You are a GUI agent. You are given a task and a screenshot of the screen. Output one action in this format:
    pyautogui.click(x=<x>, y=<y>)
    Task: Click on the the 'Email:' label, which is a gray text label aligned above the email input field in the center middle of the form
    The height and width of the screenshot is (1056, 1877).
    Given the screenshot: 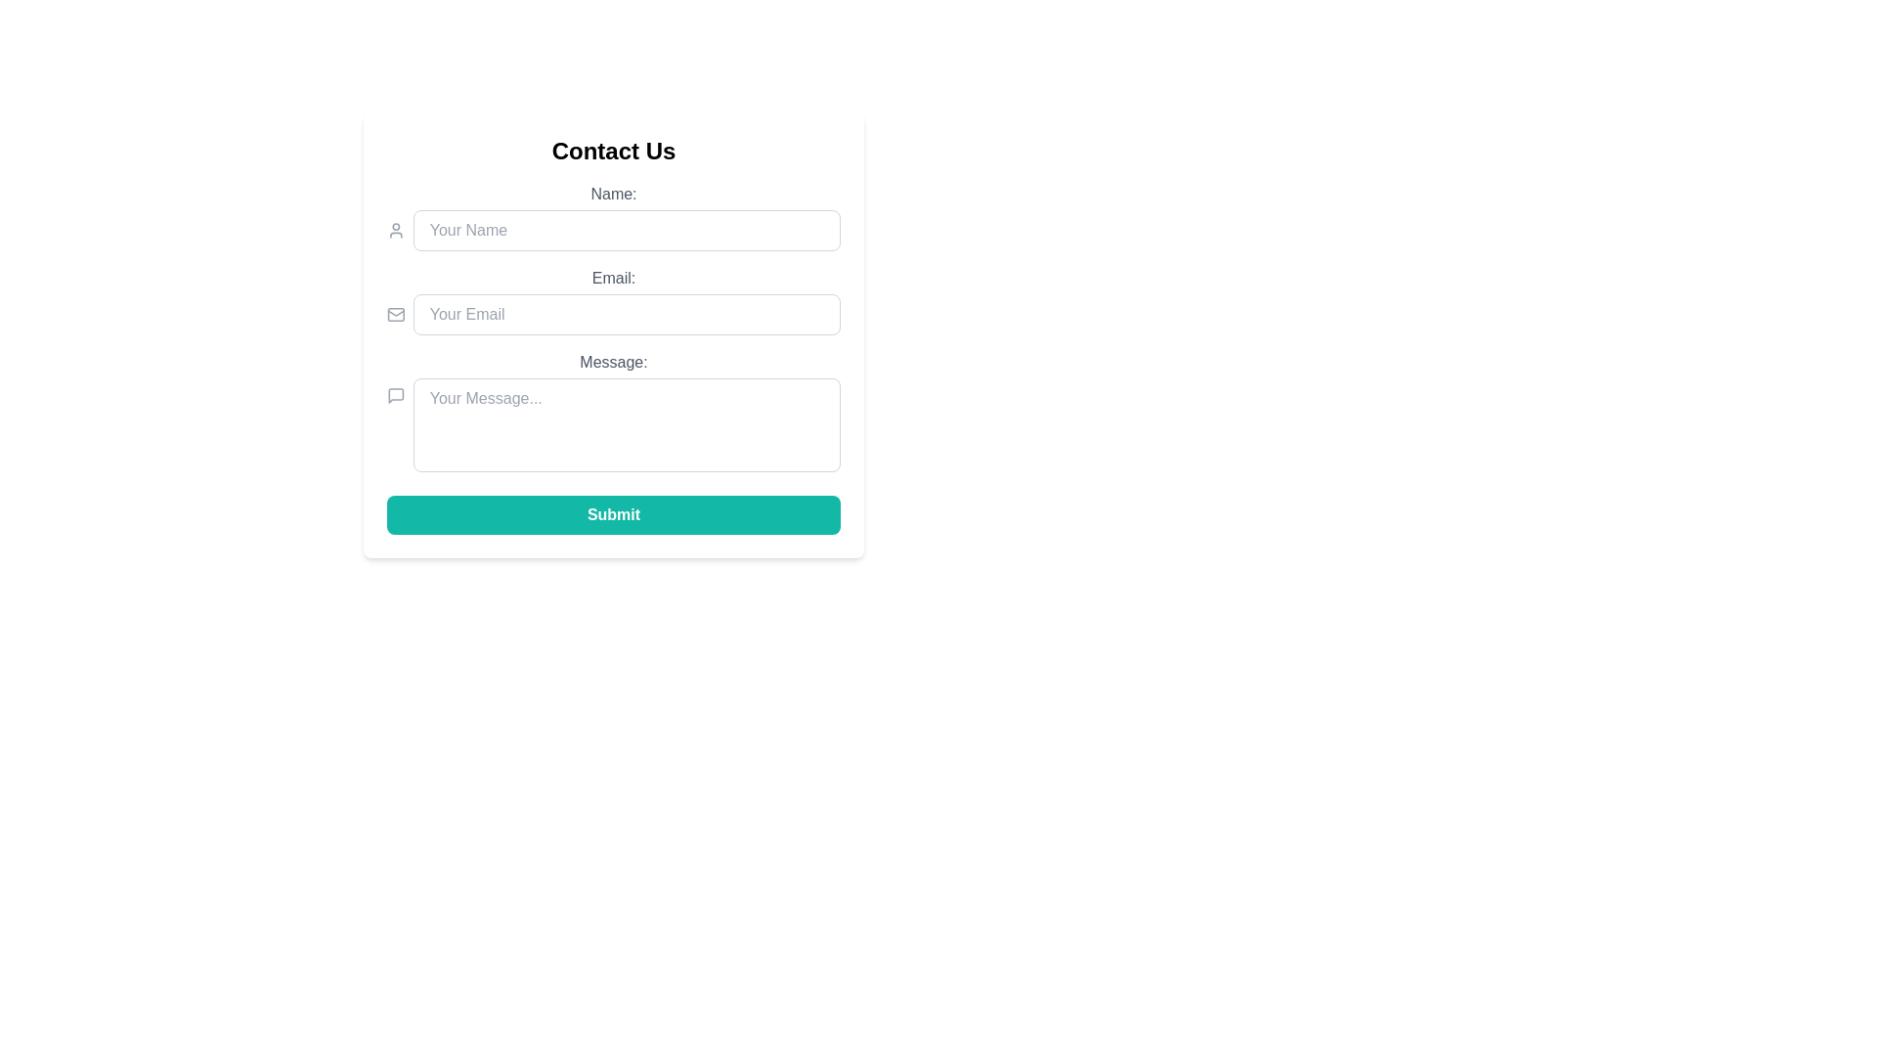 What is the action you would take?
    pyautogui.click(x=613, y=279)
    